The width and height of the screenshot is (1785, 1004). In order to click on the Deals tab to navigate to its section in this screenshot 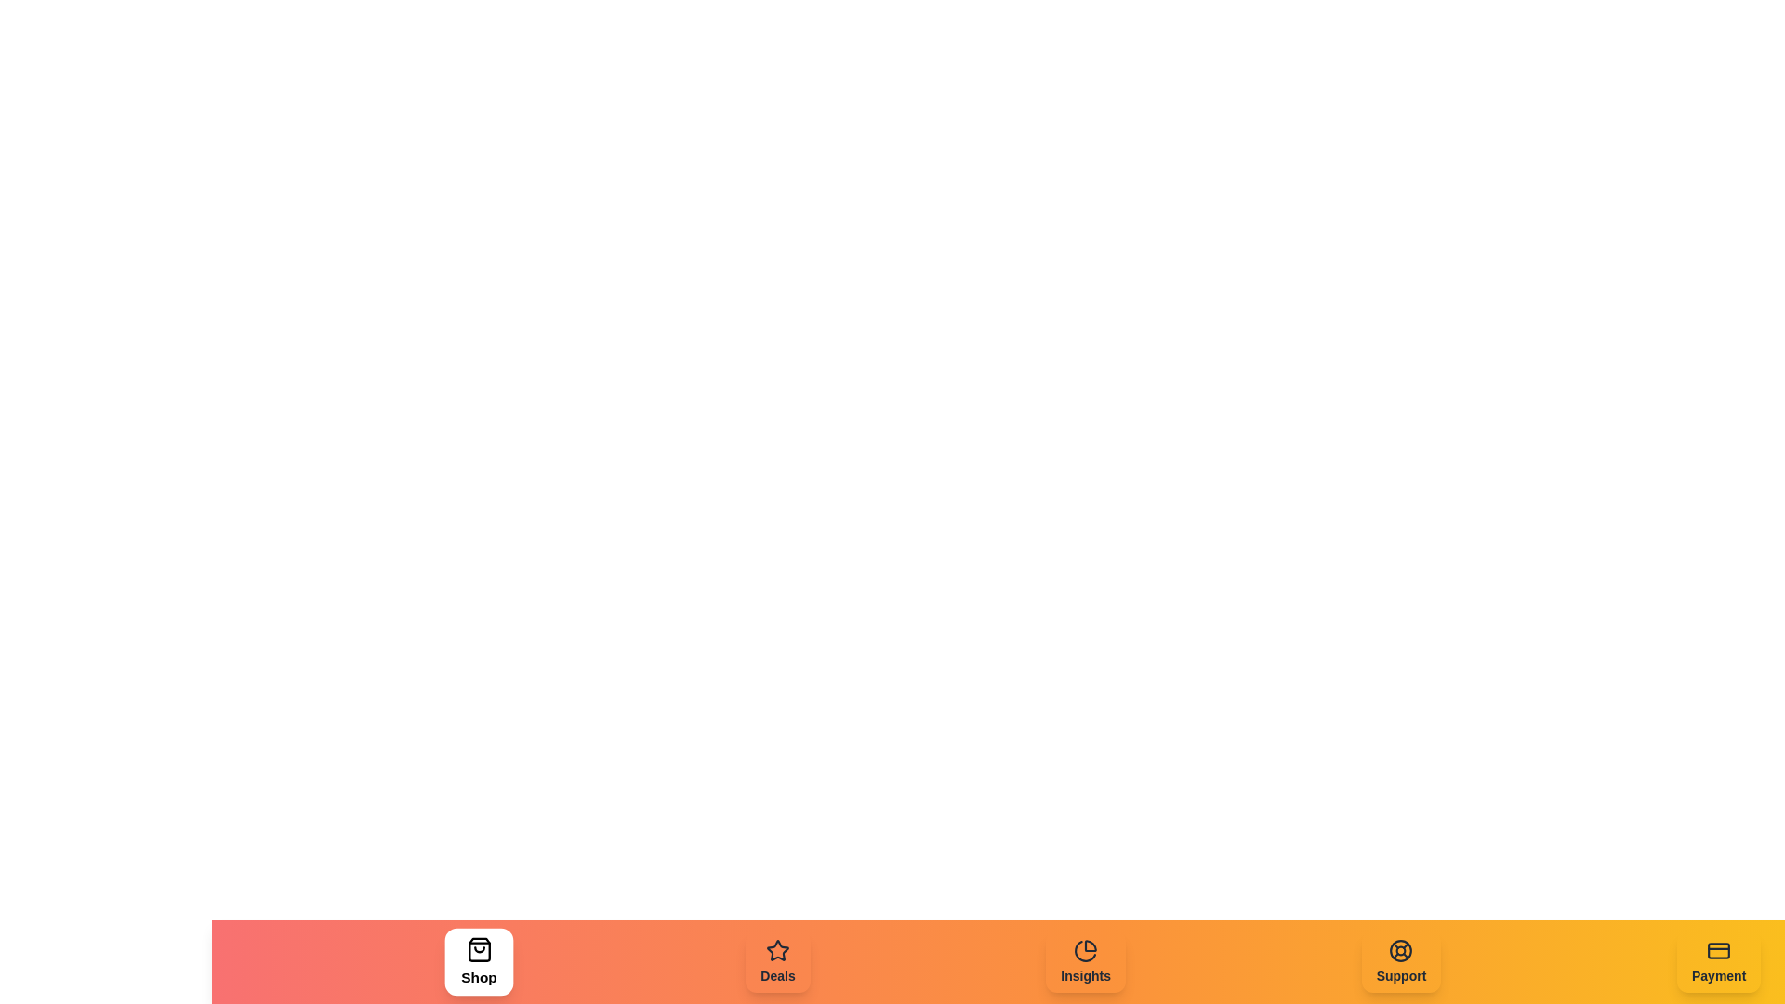, I will do `click(777, 961)`.